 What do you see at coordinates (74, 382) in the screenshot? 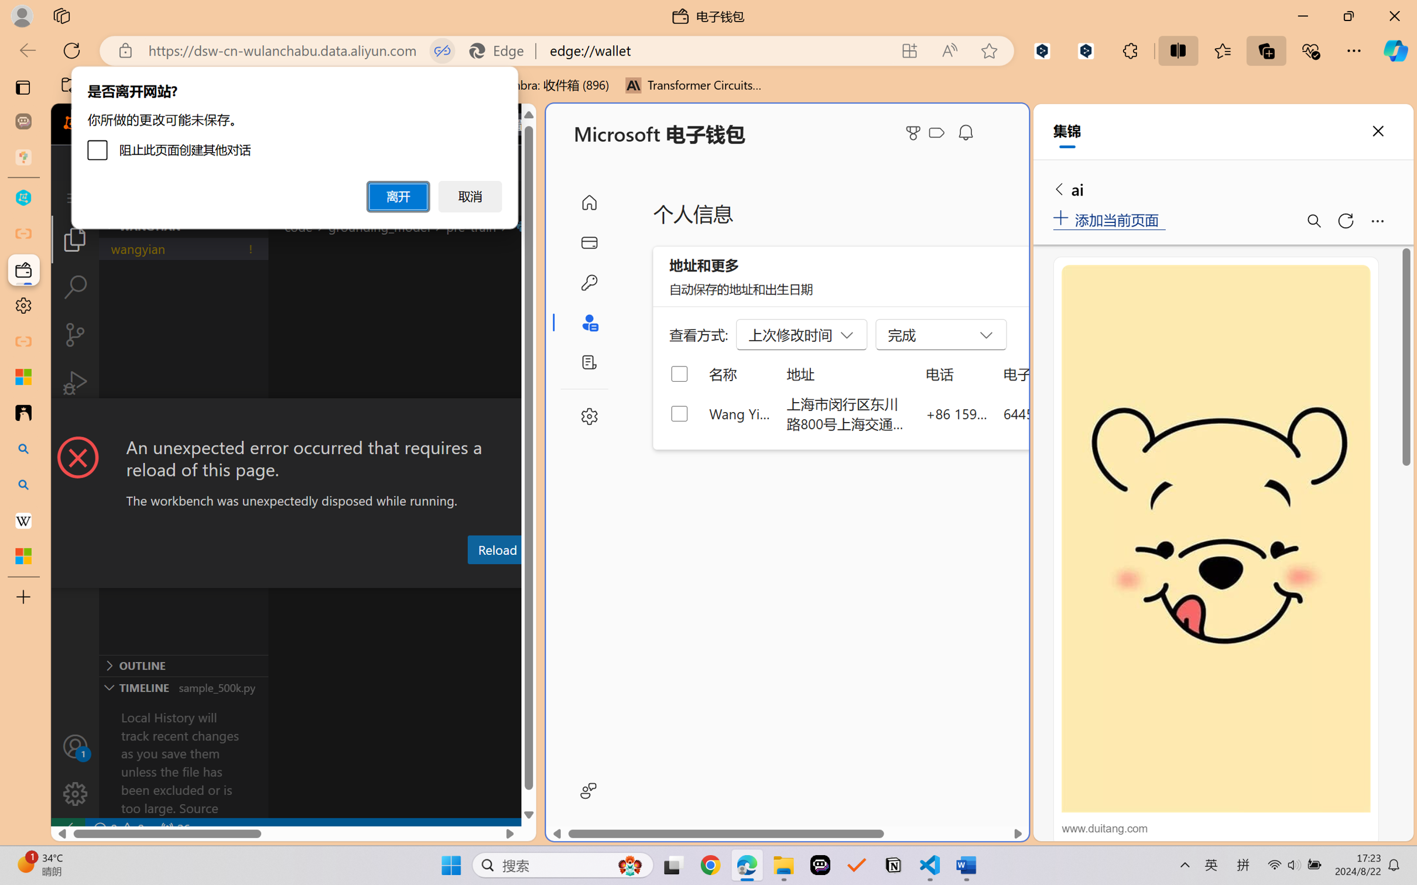
I see `'Run and Debug (Ctrl+Shift+D)'` at bounding box center [74, 382].